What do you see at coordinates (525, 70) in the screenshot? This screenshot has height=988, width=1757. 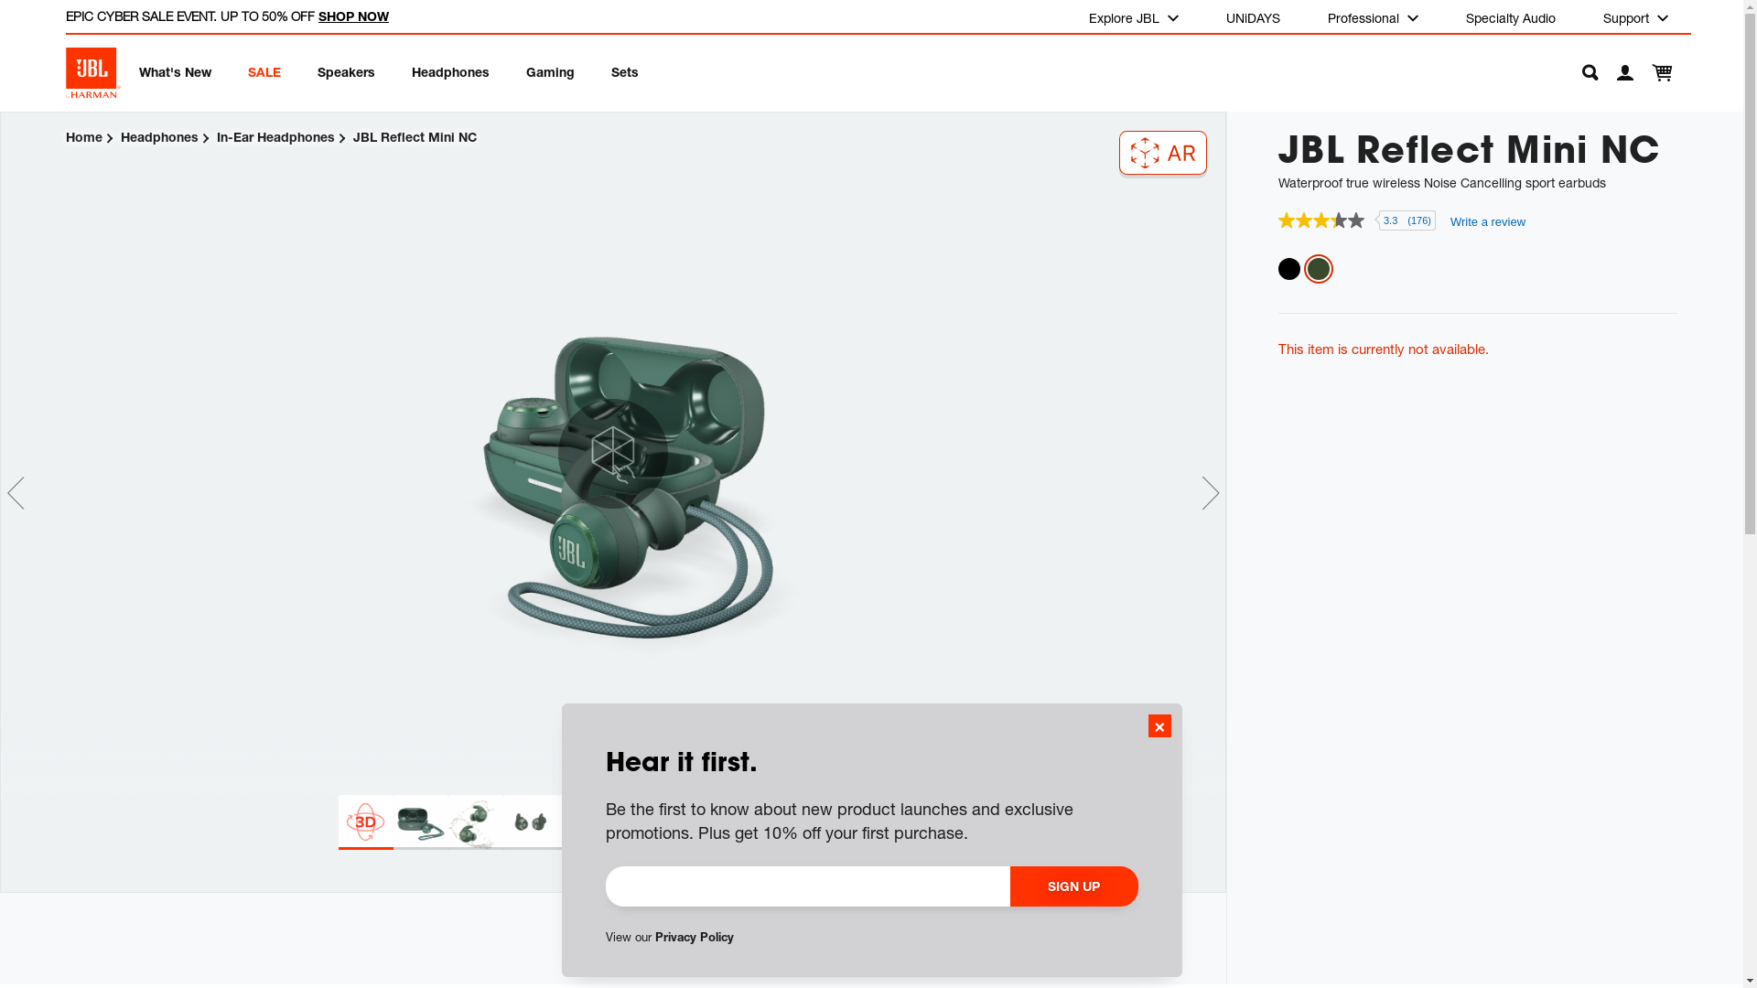 I see `'Gaming'` at bounding box center [525, 70].